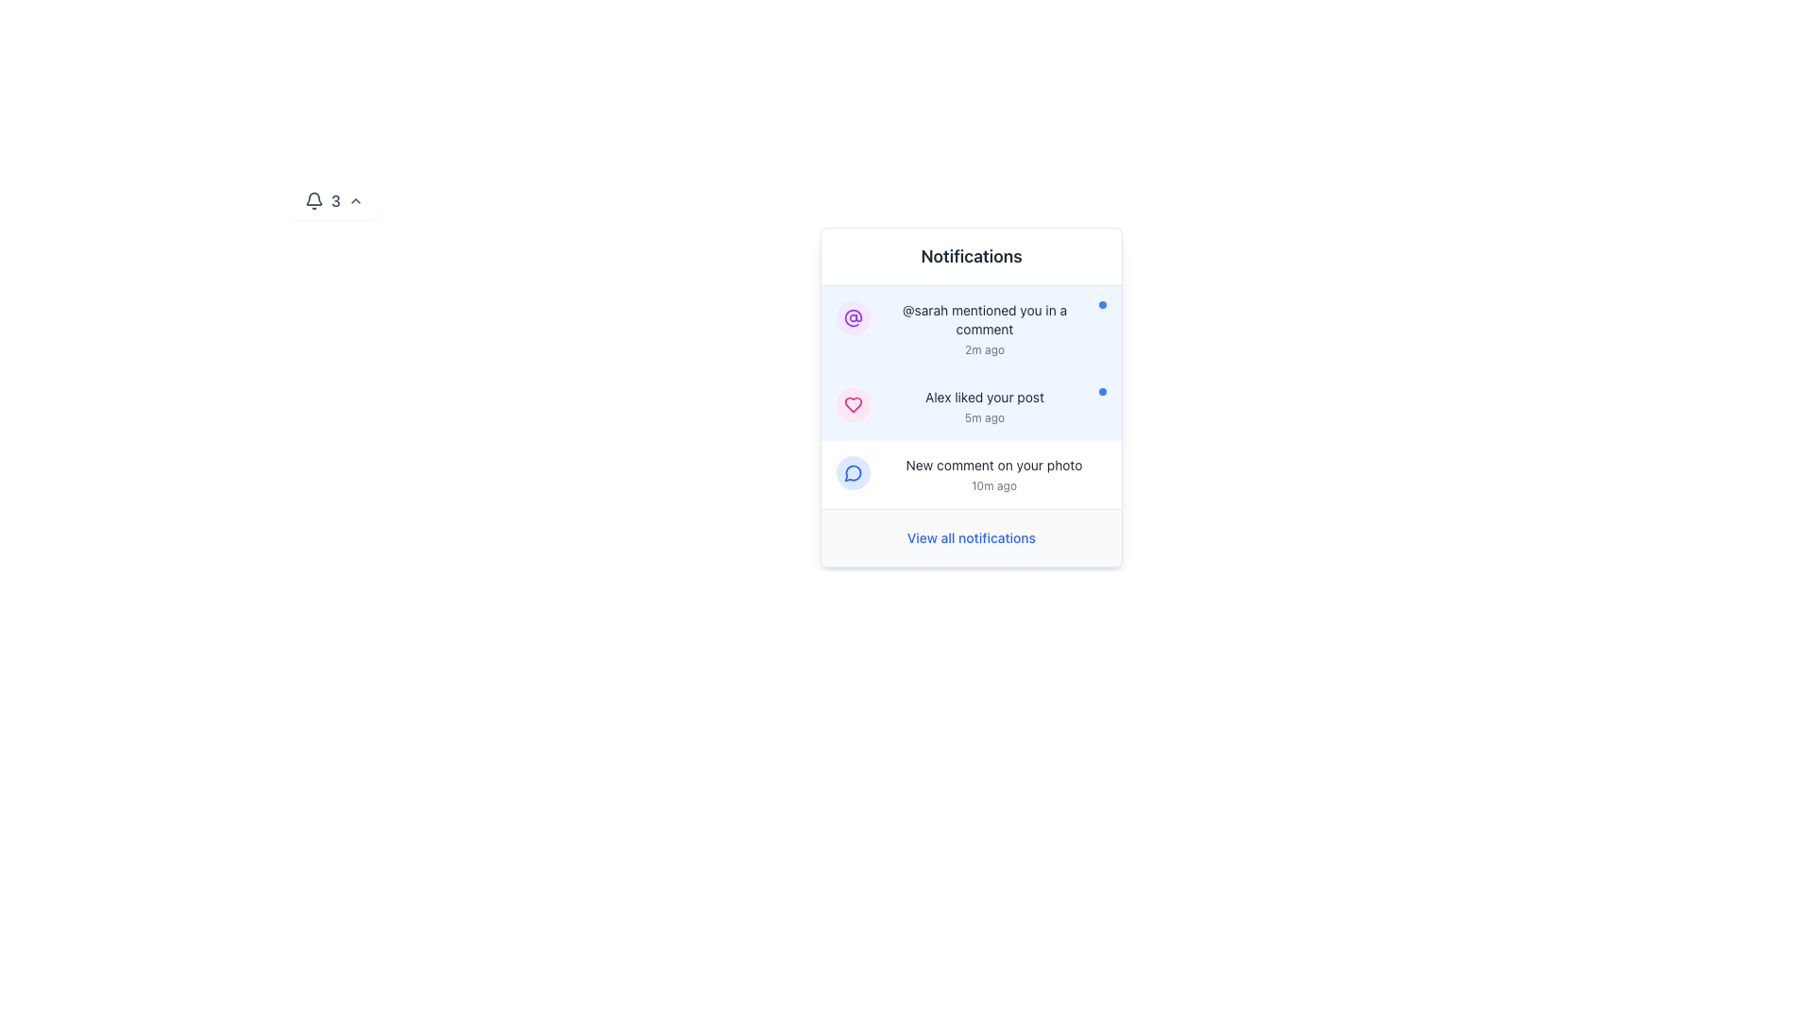 This screenshot has width=1813, height=1020. I want to click on the third notification item that informs the user about a recent comment made on their photo, so click(971, 473).